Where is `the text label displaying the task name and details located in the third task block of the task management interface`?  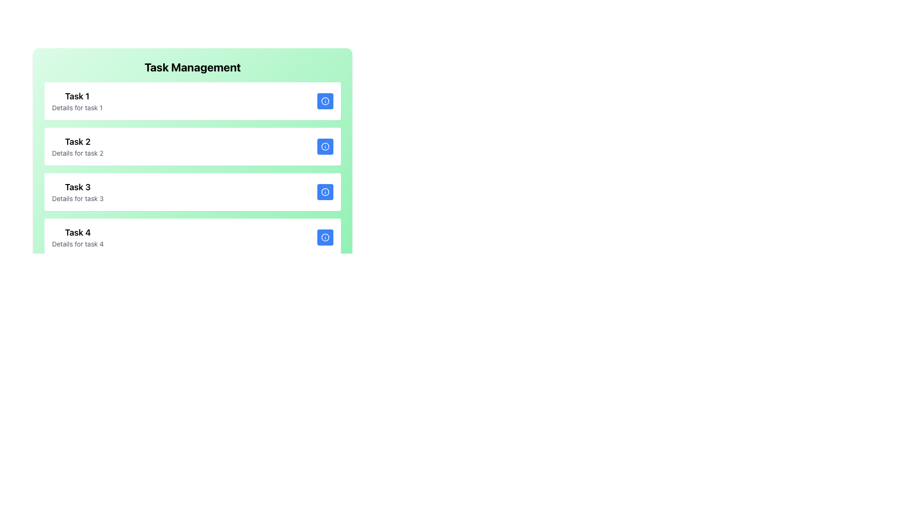 the text label displaying the task name and details located in the third task block of the task management interface is located at coordinates (78, 192).